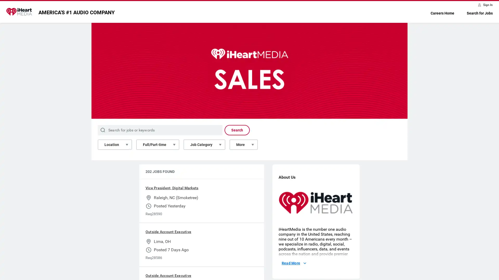  Describe the element at coordinates (157, 145) in the screenshot. I see `Full/Part-time` at that location.